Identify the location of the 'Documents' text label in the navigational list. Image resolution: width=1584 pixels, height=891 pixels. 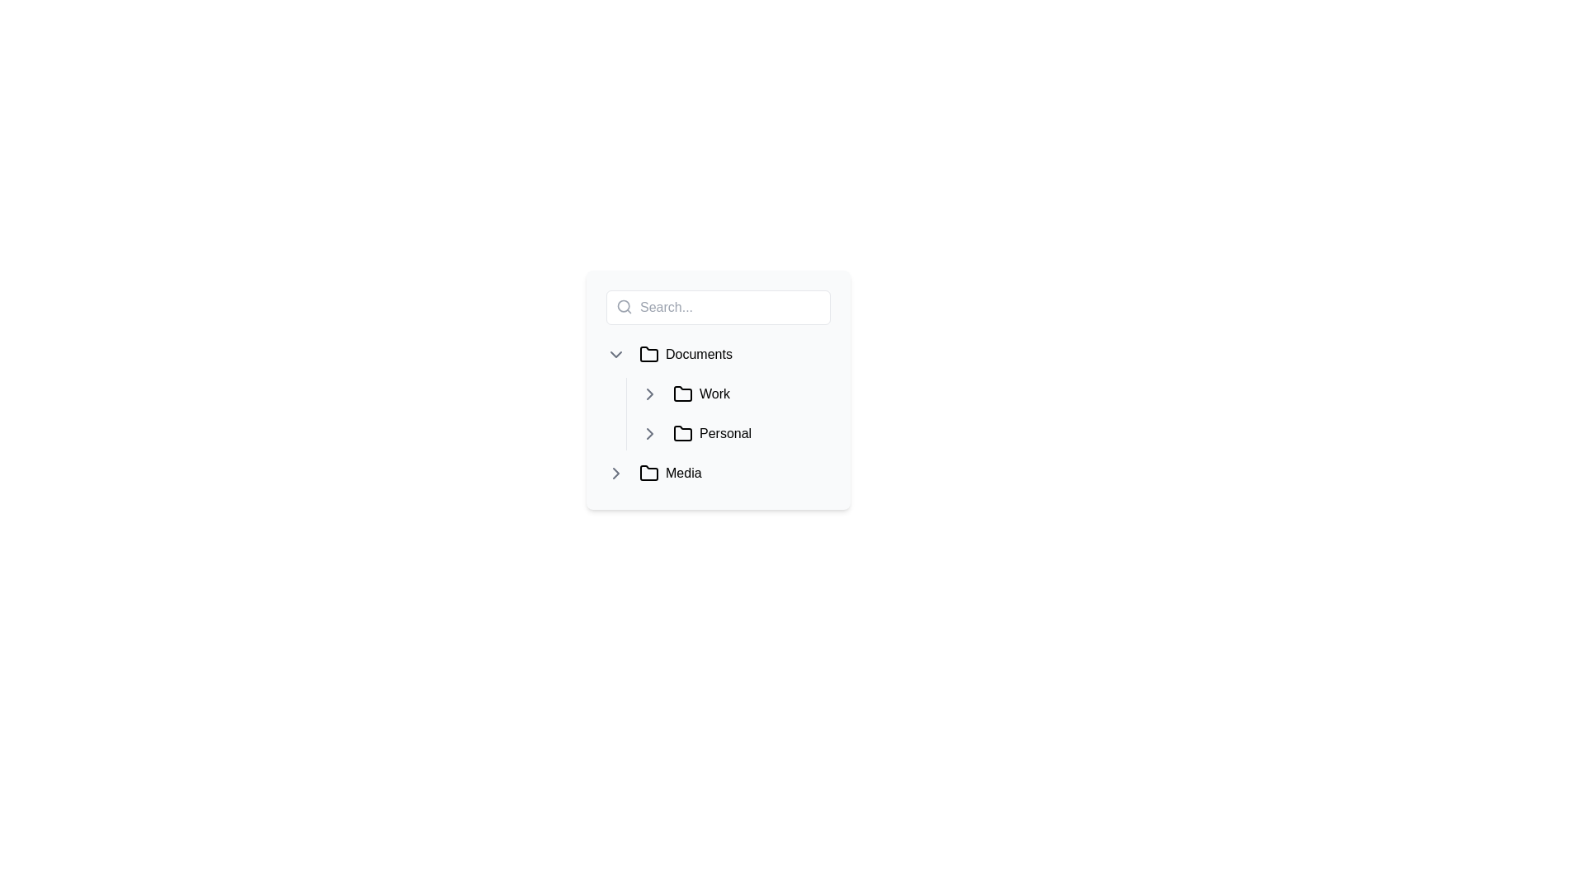
(699, 353).